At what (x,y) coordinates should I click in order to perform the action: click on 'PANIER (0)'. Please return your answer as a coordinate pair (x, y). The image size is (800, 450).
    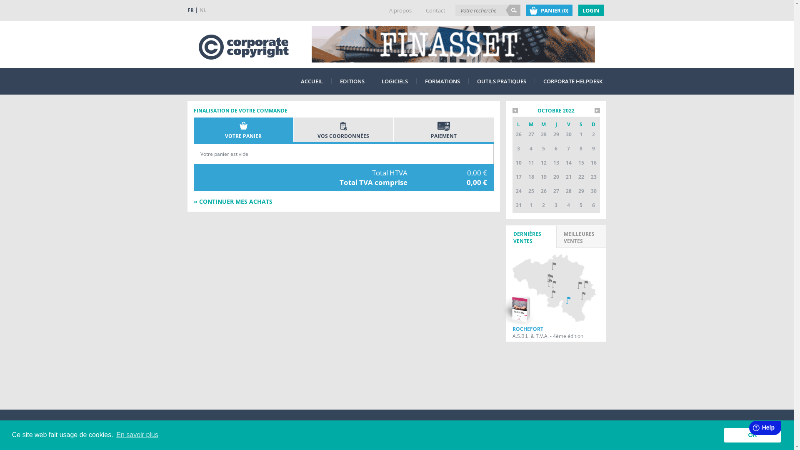
    Looking at the image, I should click on (549, 10).